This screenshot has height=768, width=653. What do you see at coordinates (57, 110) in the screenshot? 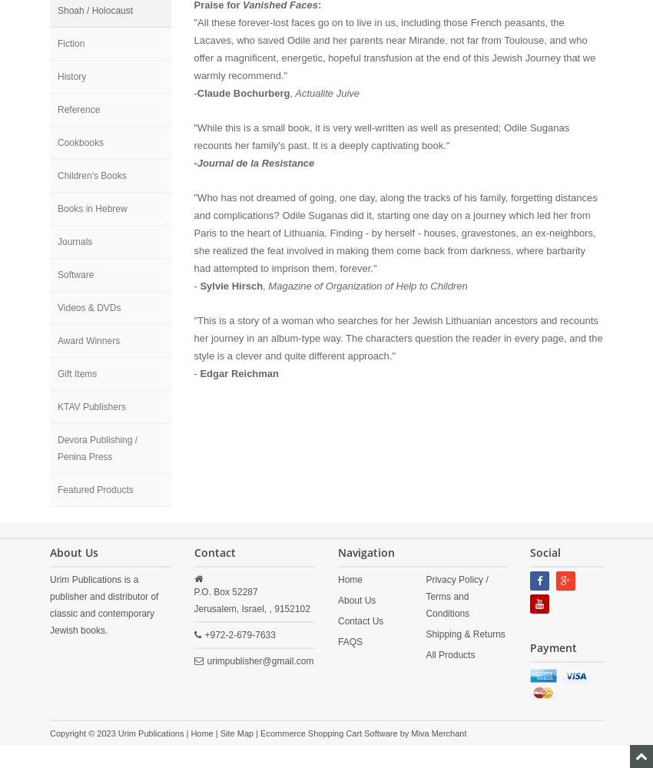
I see `'Reference'` at bounding box center [57, 110].